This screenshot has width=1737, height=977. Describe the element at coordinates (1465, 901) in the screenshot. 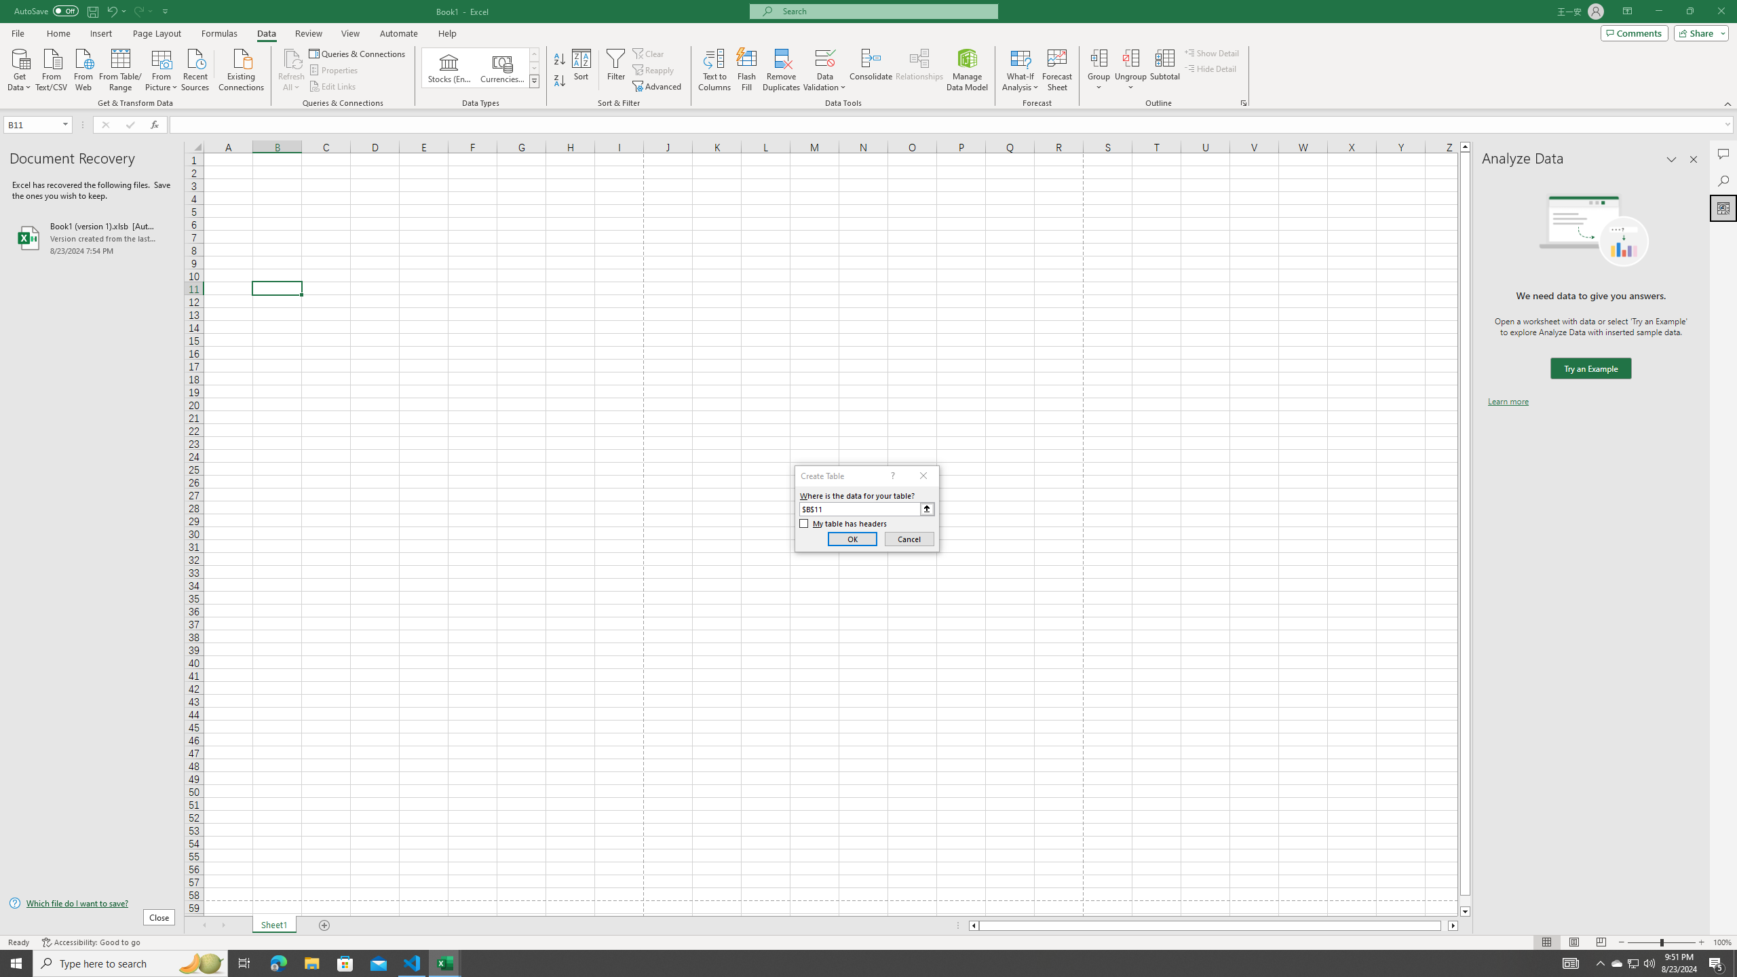

I see `'Page down'` at that location.